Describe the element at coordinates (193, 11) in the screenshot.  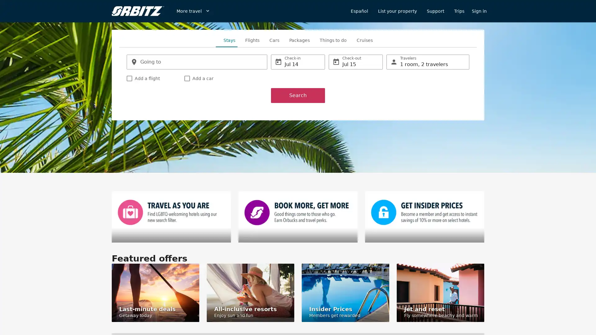
I see `More travel` at that location.